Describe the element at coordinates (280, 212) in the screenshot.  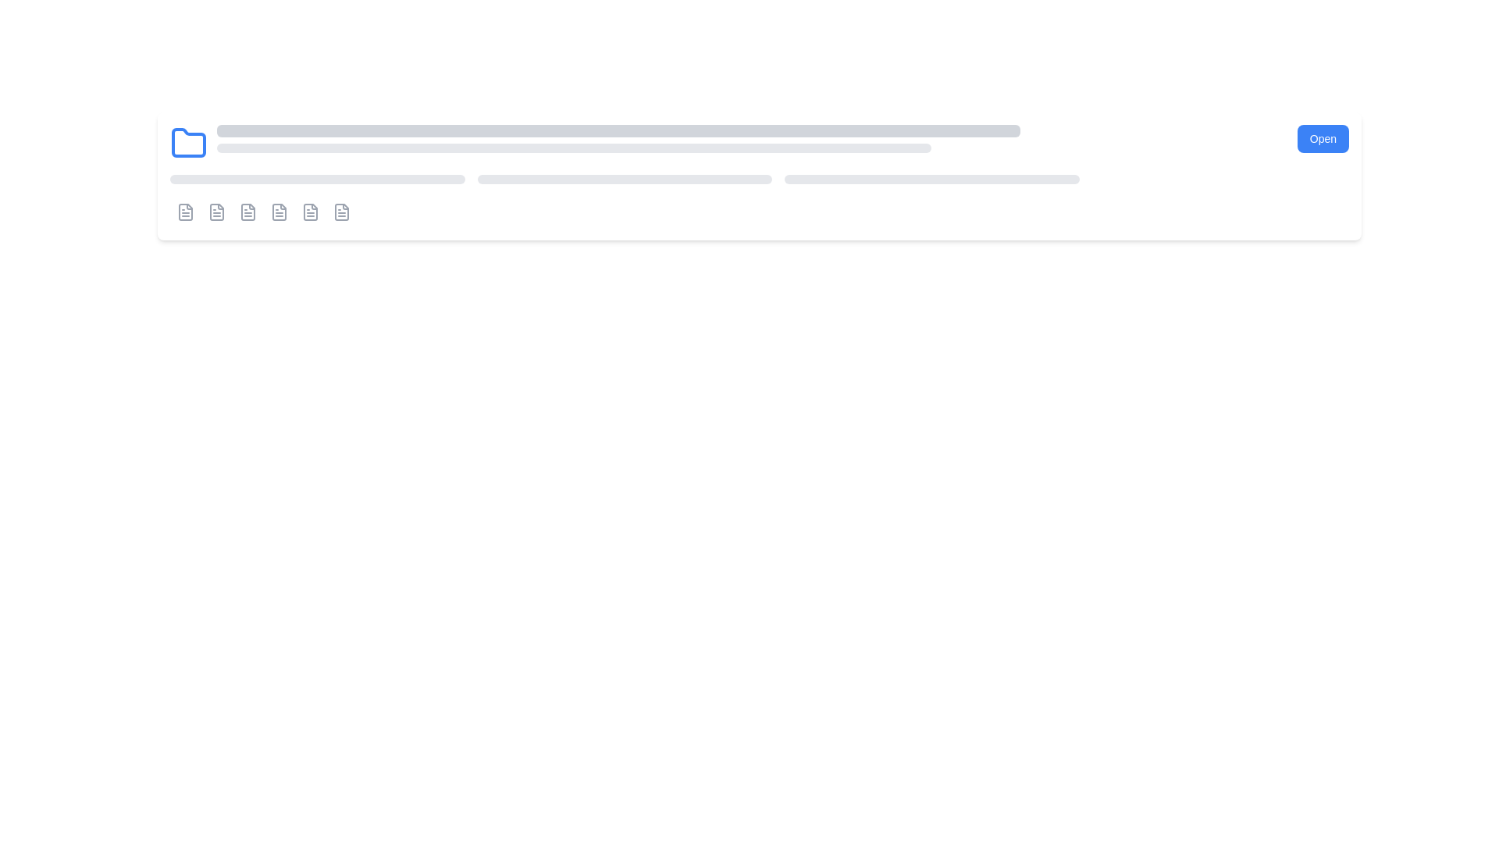
I see `the document icon located at the bottom of the main content section` at that location.